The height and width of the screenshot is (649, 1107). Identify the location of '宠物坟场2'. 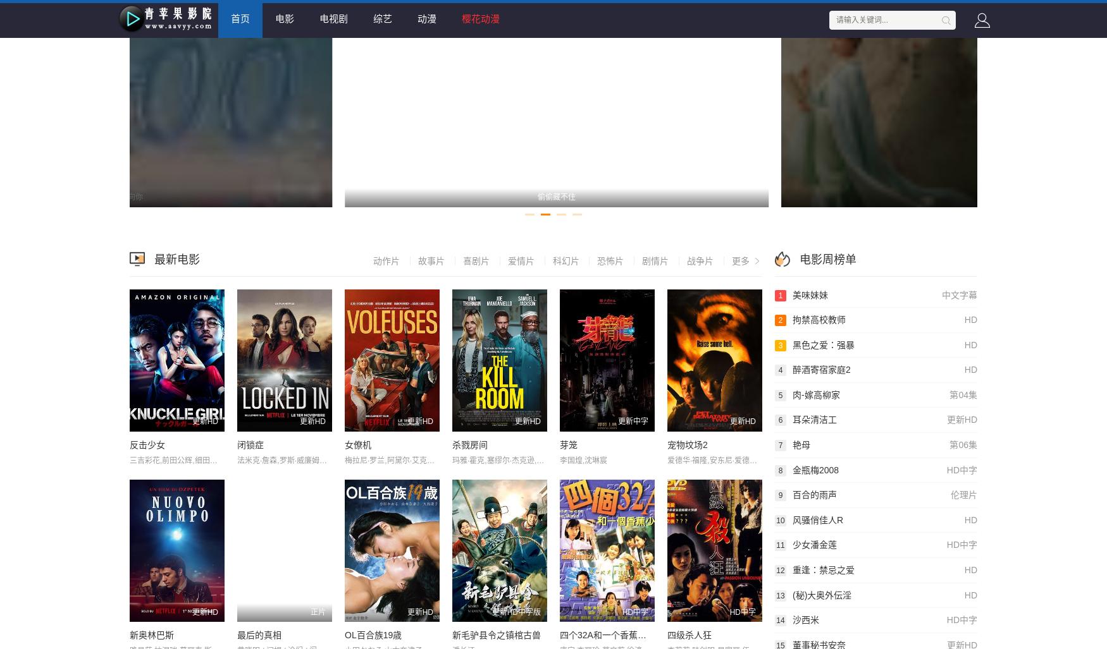
(667, 444).